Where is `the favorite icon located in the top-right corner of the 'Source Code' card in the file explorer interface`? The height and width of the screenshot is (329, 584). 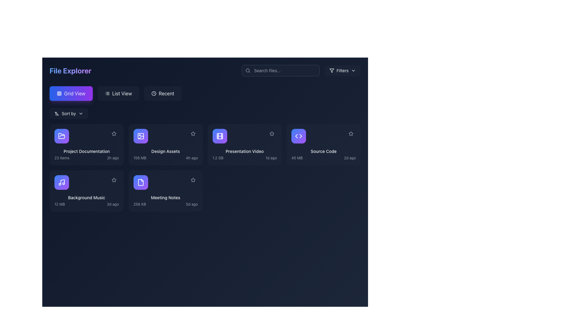 the favorite icon located in the top-right corner of the 'Source Code' card in the file explorer interface is located at coordinates (351, 133).